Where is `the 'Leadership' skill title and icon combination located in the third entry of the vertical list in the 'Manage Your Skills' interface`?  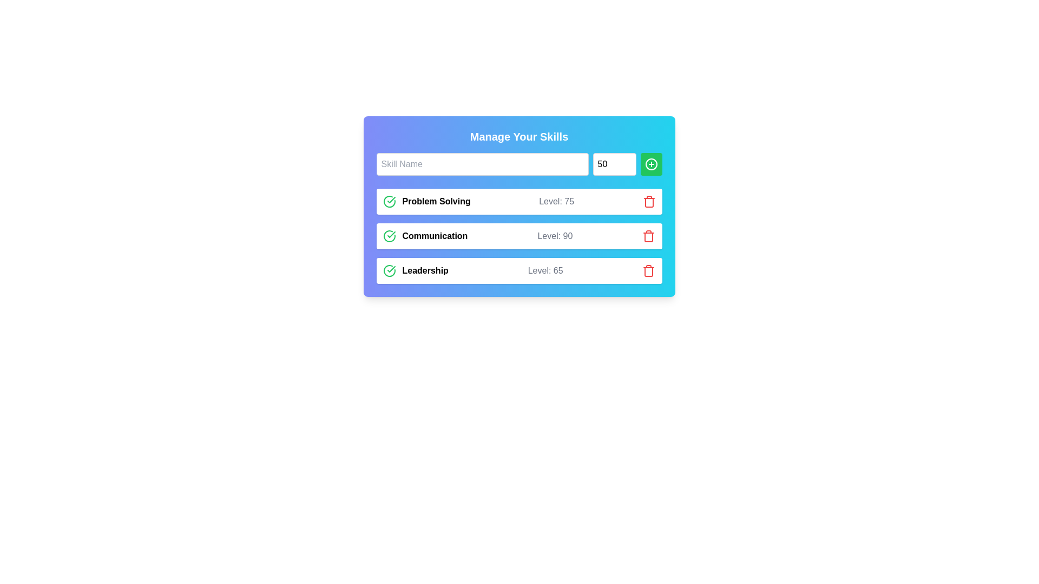
the 'Leadership' skill title and icon combination located in the third entry of the vertical list in the 'Manage Your Skills' interface is located at coordinates (415, 270).